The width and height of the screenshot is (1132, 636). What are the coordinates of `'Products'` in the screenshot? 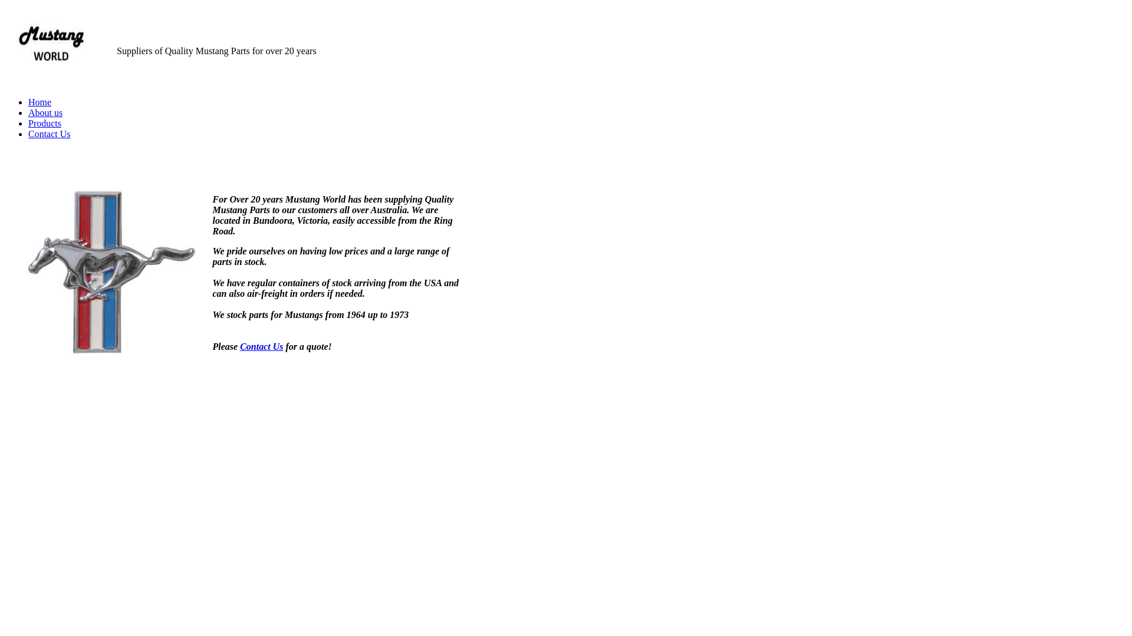 It's located at (28, 123).